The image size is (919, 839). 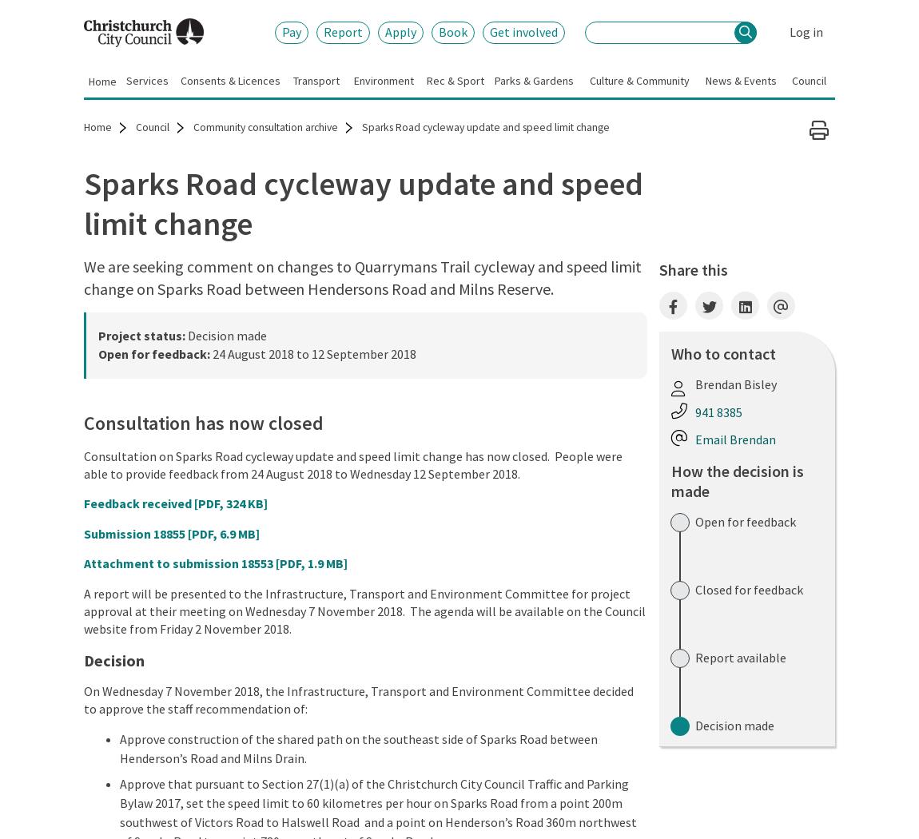 I want to click on 'Report available', so click(x=741, y=656).